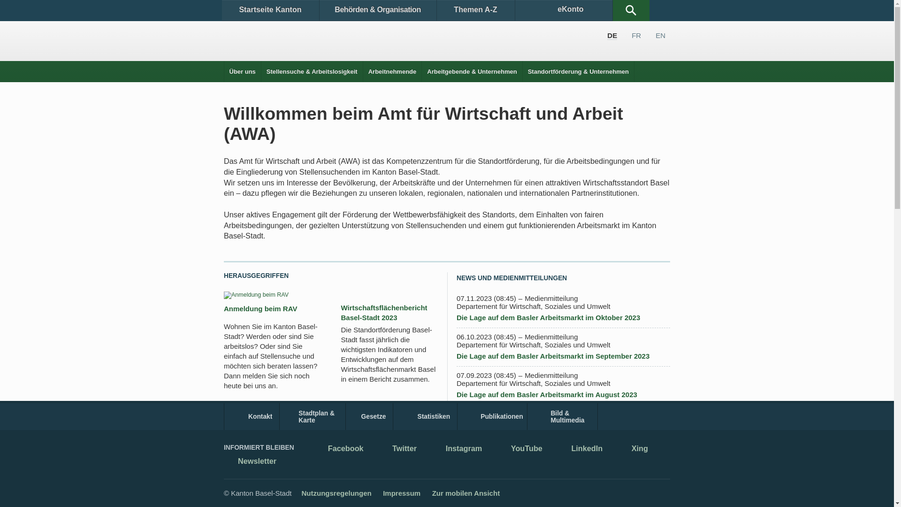 The image size is (901, 507). I want to click on 'FR', so click(631, 35).